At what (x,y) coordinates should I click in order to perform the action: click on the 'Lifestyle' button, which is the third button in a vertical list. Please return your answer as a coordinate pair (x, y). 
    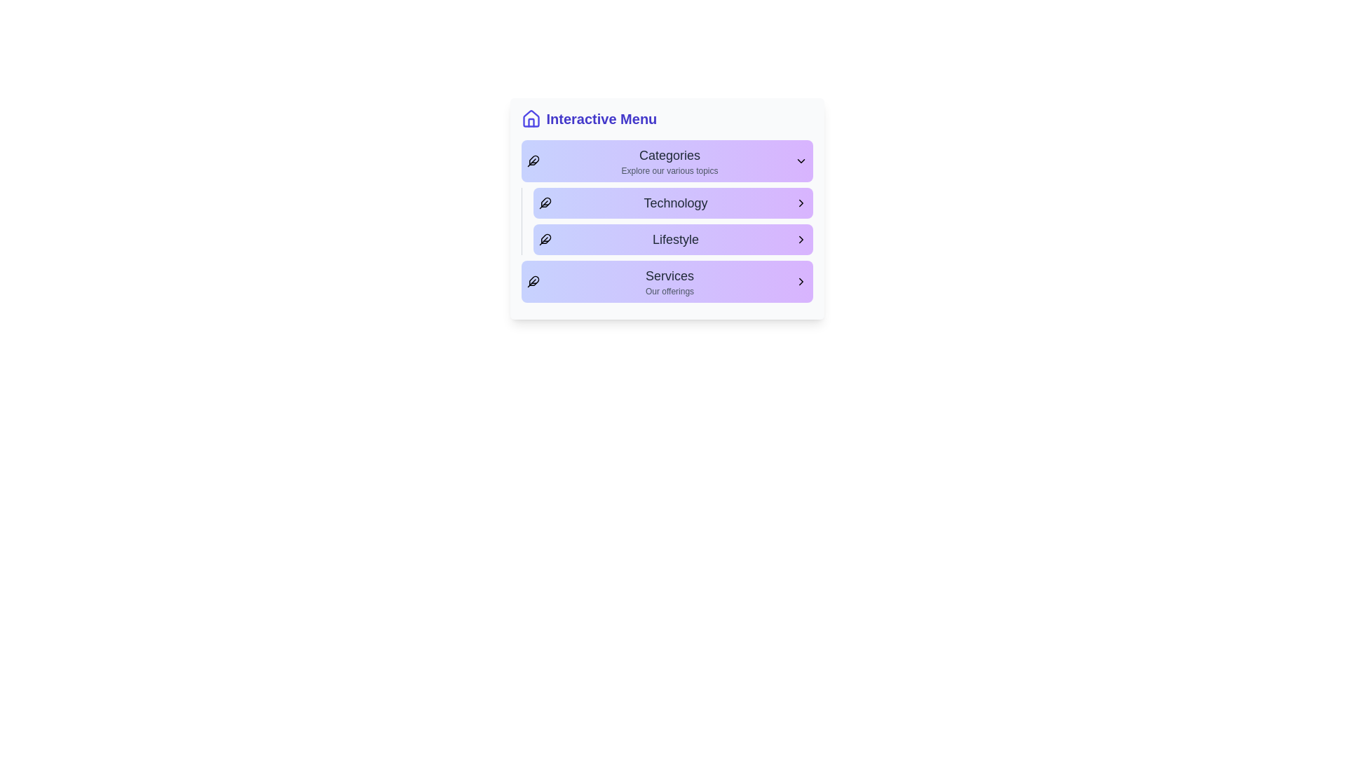
    Looking at the image, I should click on (673, 239).